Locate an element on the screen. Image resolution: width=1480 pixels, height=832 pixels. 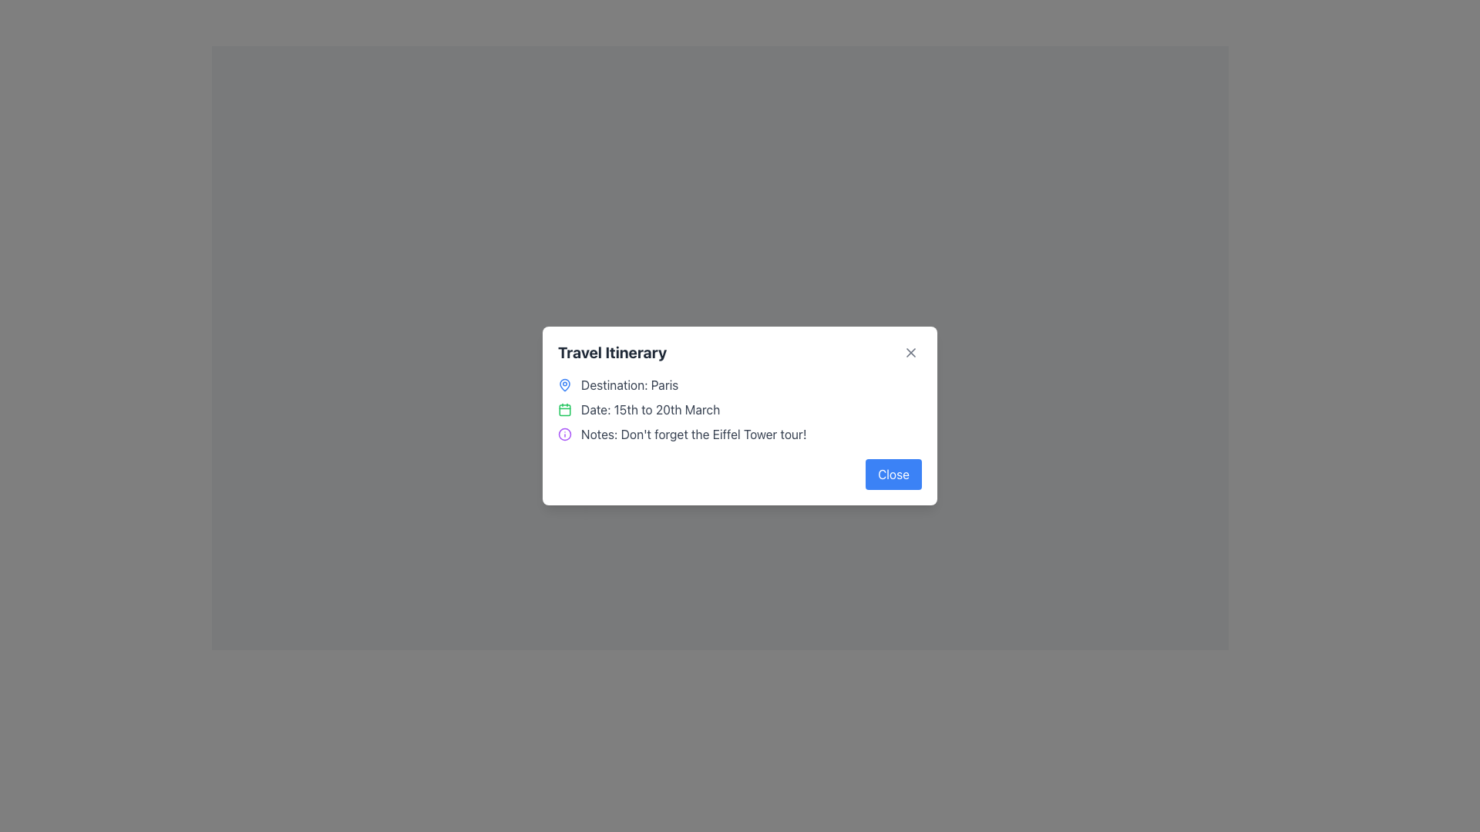
the 'X' icon button located at the top-right corner of the 'Travel Itinerary' dialogue box, which is styled in a minimalistic manner with two crossing diagonal lines is located at coordinates (910, 353).